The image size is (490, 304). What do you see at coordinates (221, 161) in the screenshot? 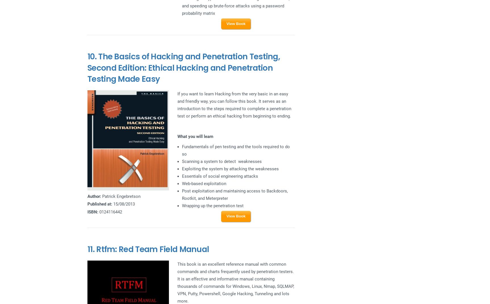
I see `'Scanning a system to detect  weaknesses'` at bounding box center [221, 161].